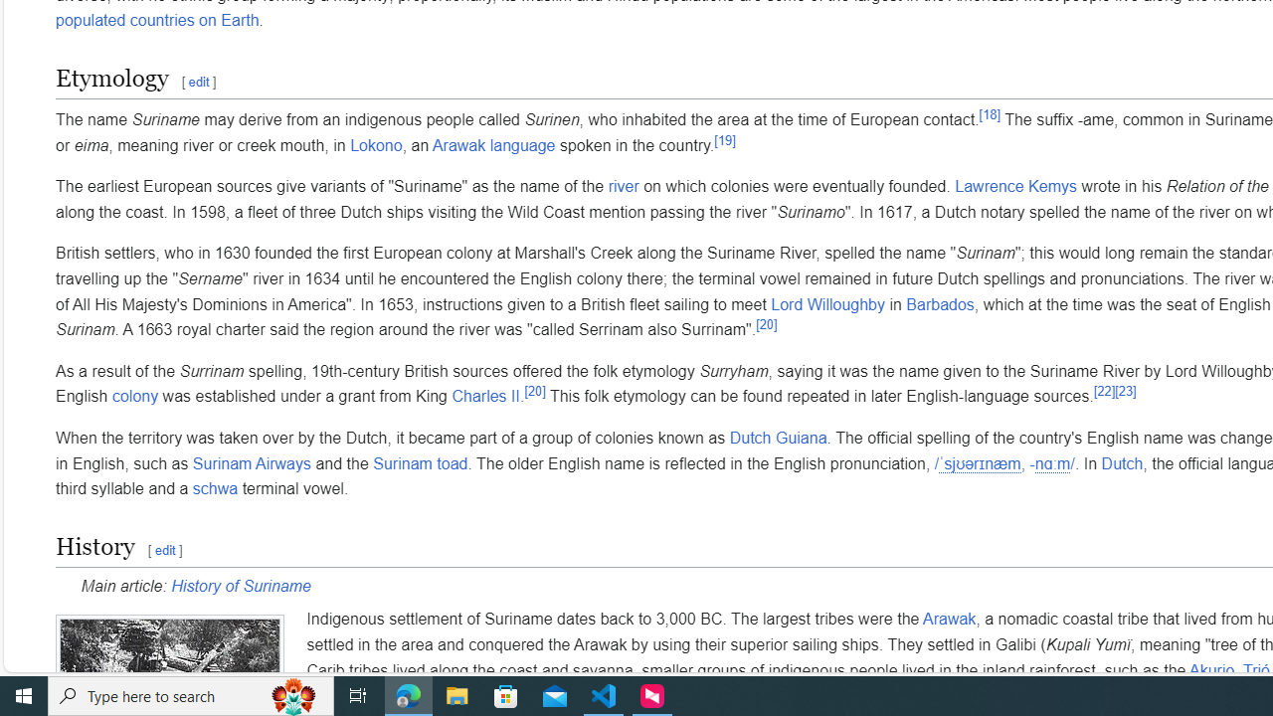 The image size is (1273, 716). I want to click on 'Lord Willoughby', so click(827, 304).